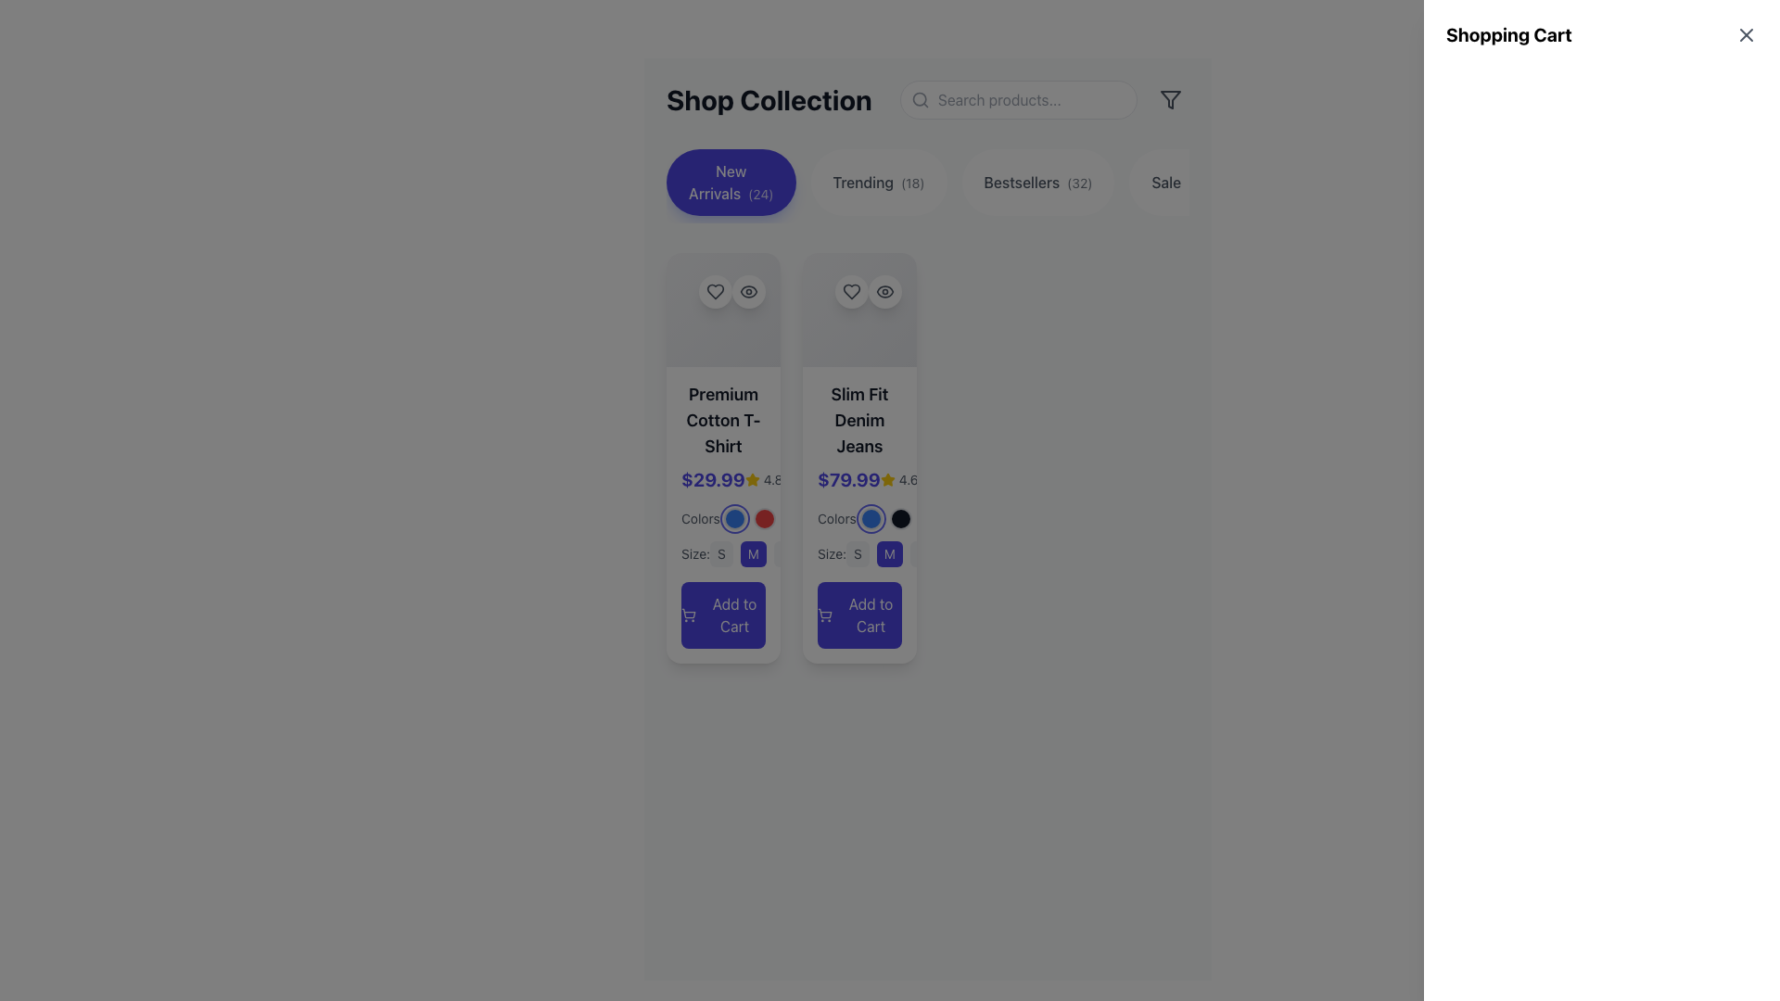 This screenshot has height=1001, width=1780. Describe the element at coordinates (722, 552) in the screenshot. I see `the rounded rectangular button labeled 'S' with a light gray background` at that location.